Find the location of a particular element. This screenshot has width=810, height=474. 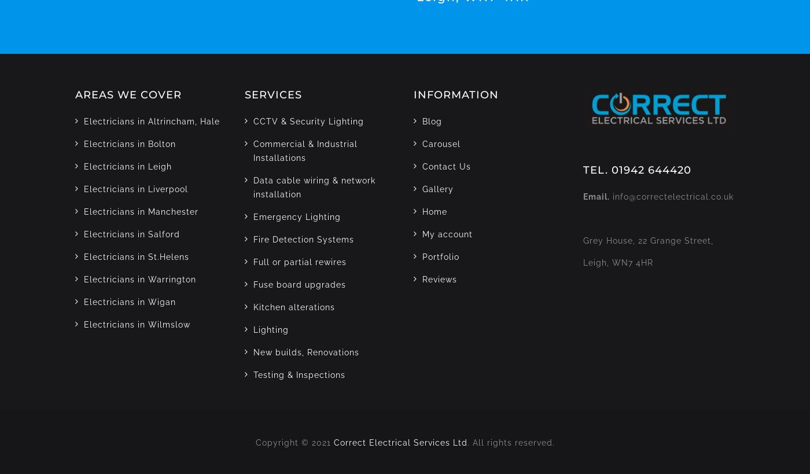

'Data cable wiring & network installation' is located at coordinates (314, 187).